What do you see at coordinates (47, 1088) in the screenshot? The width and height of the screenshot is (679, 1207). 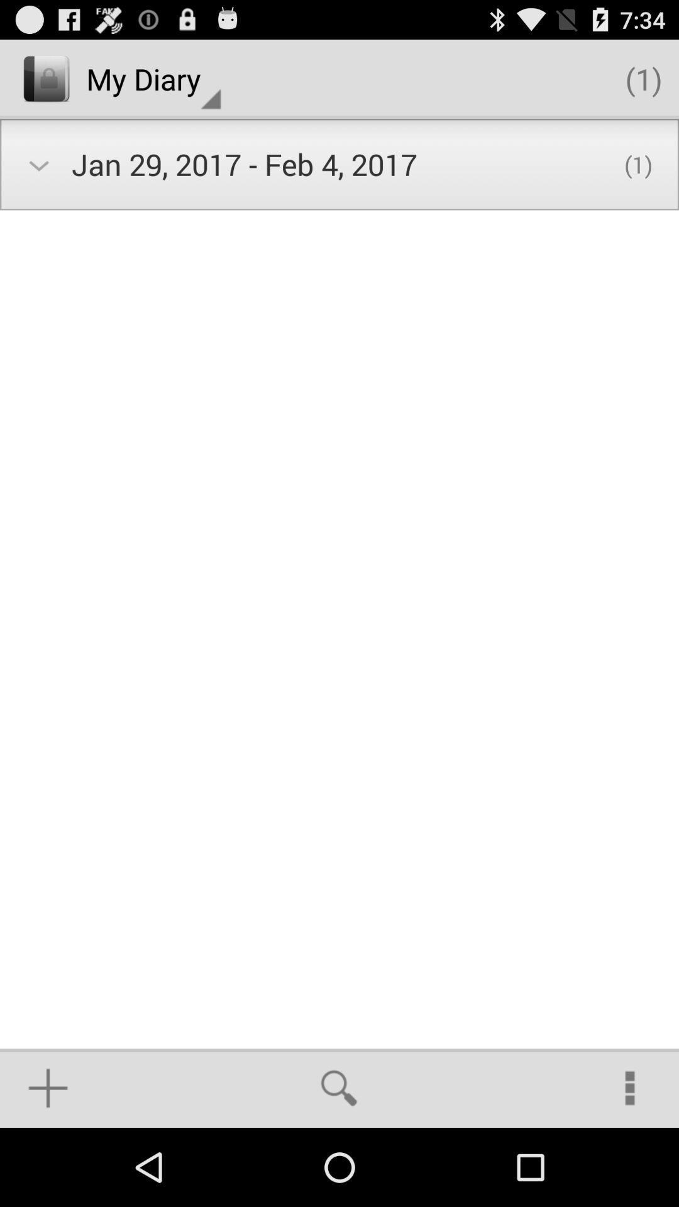 I see `icon at the bottom left corner` at bounding box center [47, 1088].